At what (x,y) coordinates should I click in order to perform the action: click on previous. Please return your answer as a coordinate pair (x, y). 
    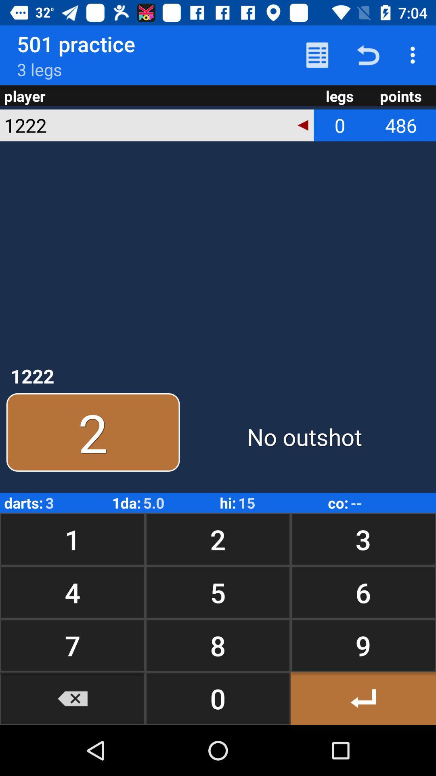
    Looking at the image, I should click on (363, 698).